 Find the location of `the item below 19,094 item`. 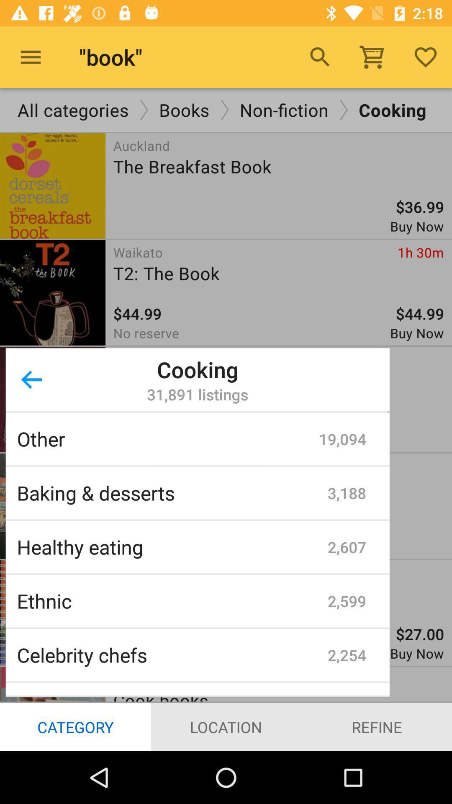

the item below 19,094 item is located at coordinates (347, 493).